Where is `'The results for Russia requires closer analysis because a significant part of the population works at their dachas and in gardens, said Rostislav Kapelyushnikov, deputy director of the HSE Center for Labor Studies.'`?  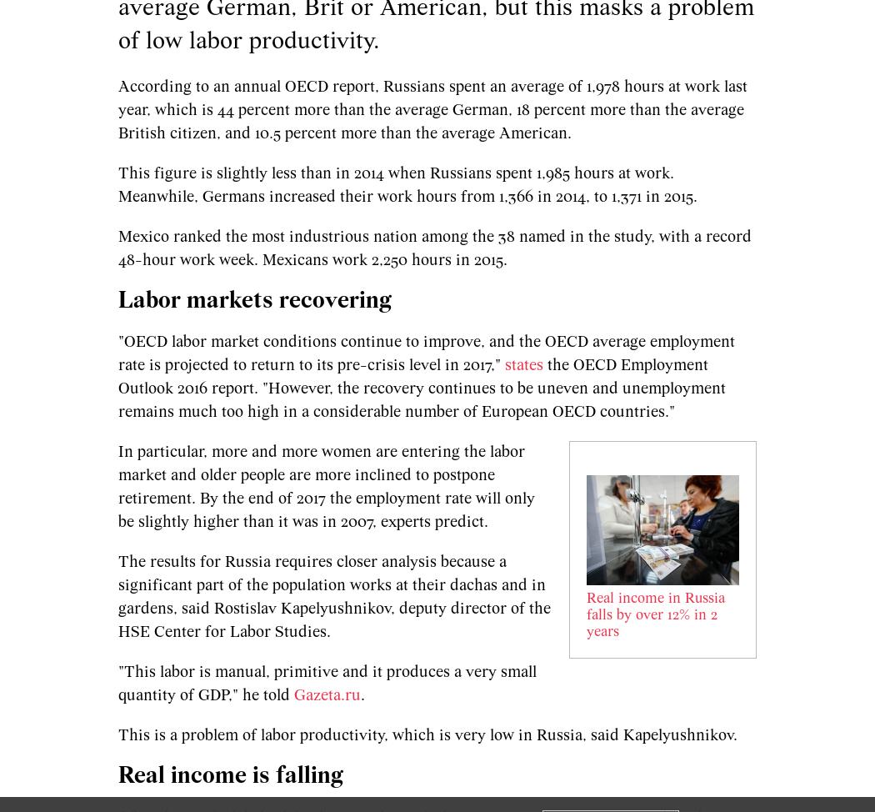 'The results for Russia requires closer analysis because a significant part of the population works at their dachas and in gardens, said Rostislav Kapelyushnikov, deputy director of the HSE Center for Labor Studies.' is located at coordinates (333, 596).